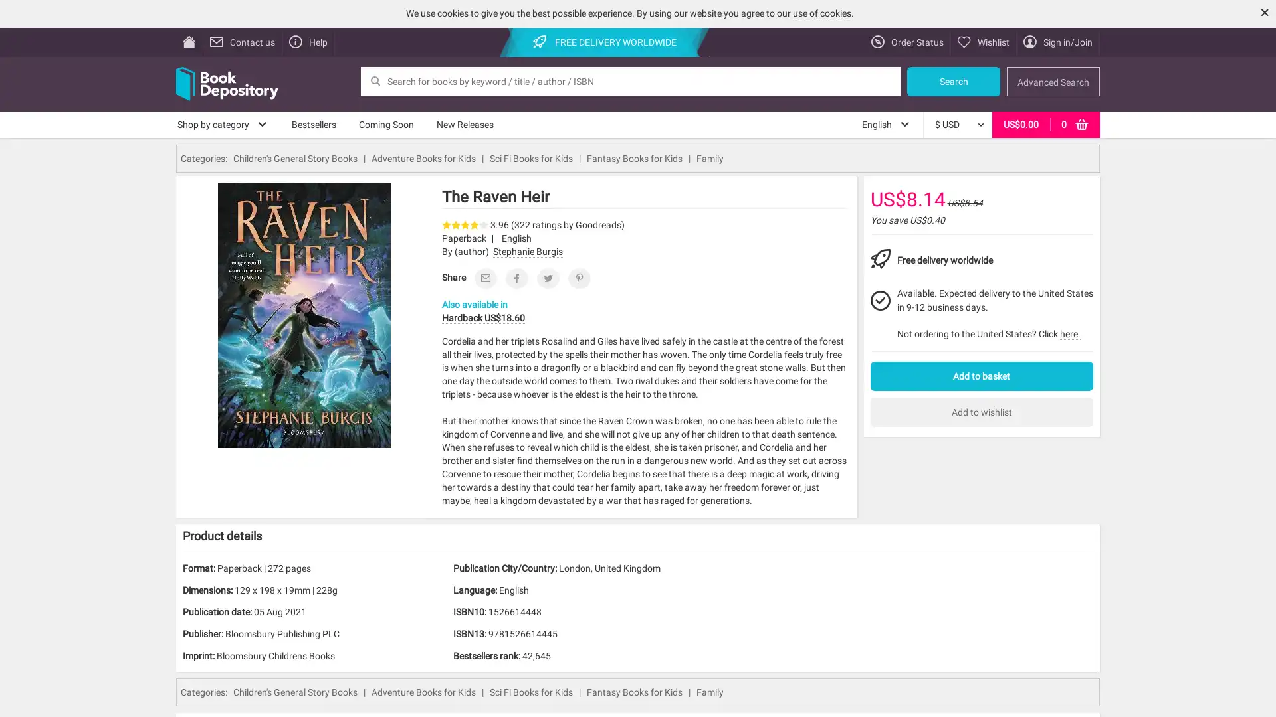 This screenshot has height=717, width=1276. I want to click on Search, so click(953, 81).